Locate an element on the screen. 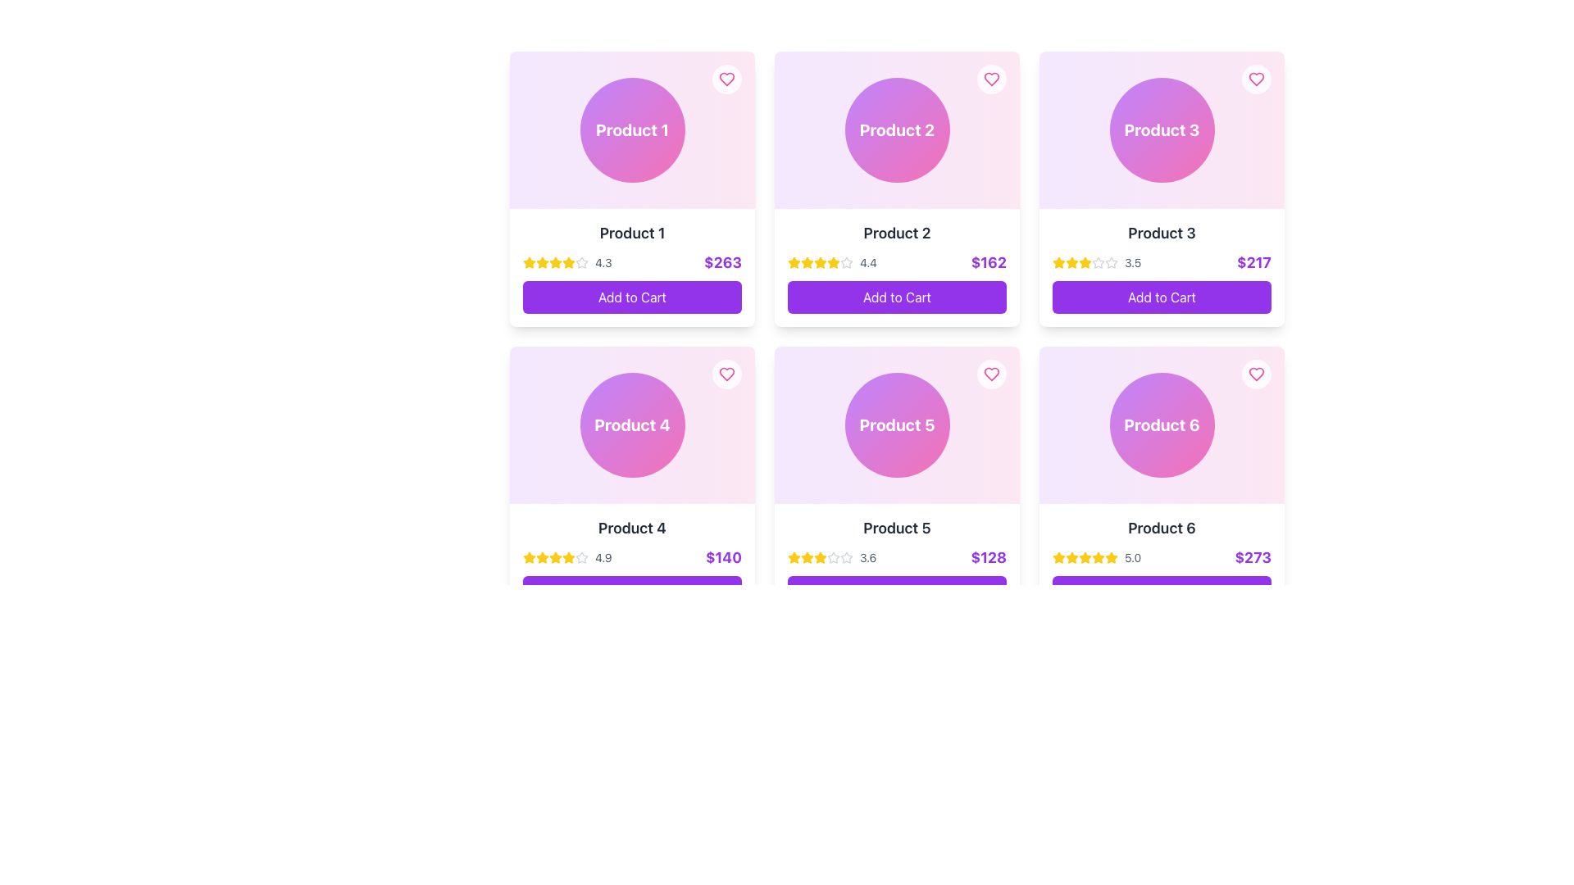 The width and height of the screenshot is (1574, 885). the highest rating star visual indicator for 'Product 6' is located at coordinates (1072, 557).